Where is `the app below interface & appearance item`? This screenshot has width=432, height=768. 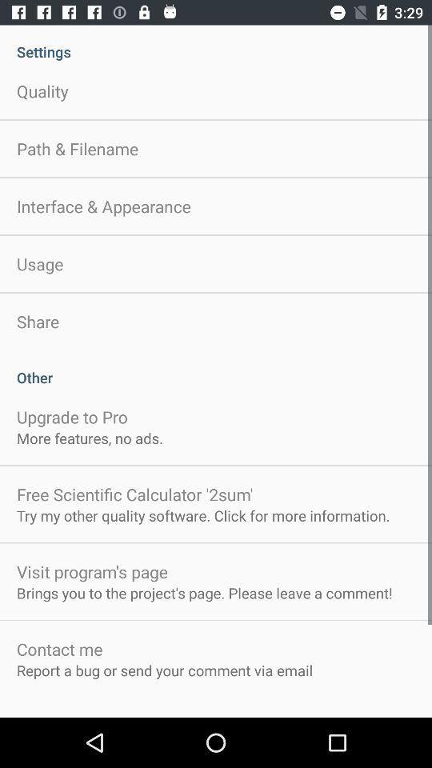
the app below interface & appearance item is located at coordinates (40, 264).